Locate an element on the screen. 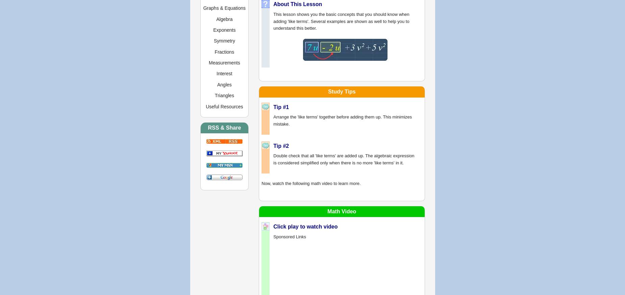 This screenshot has width=625, height=295. 'Sponsored Links' is located at coordinates (290, 236).